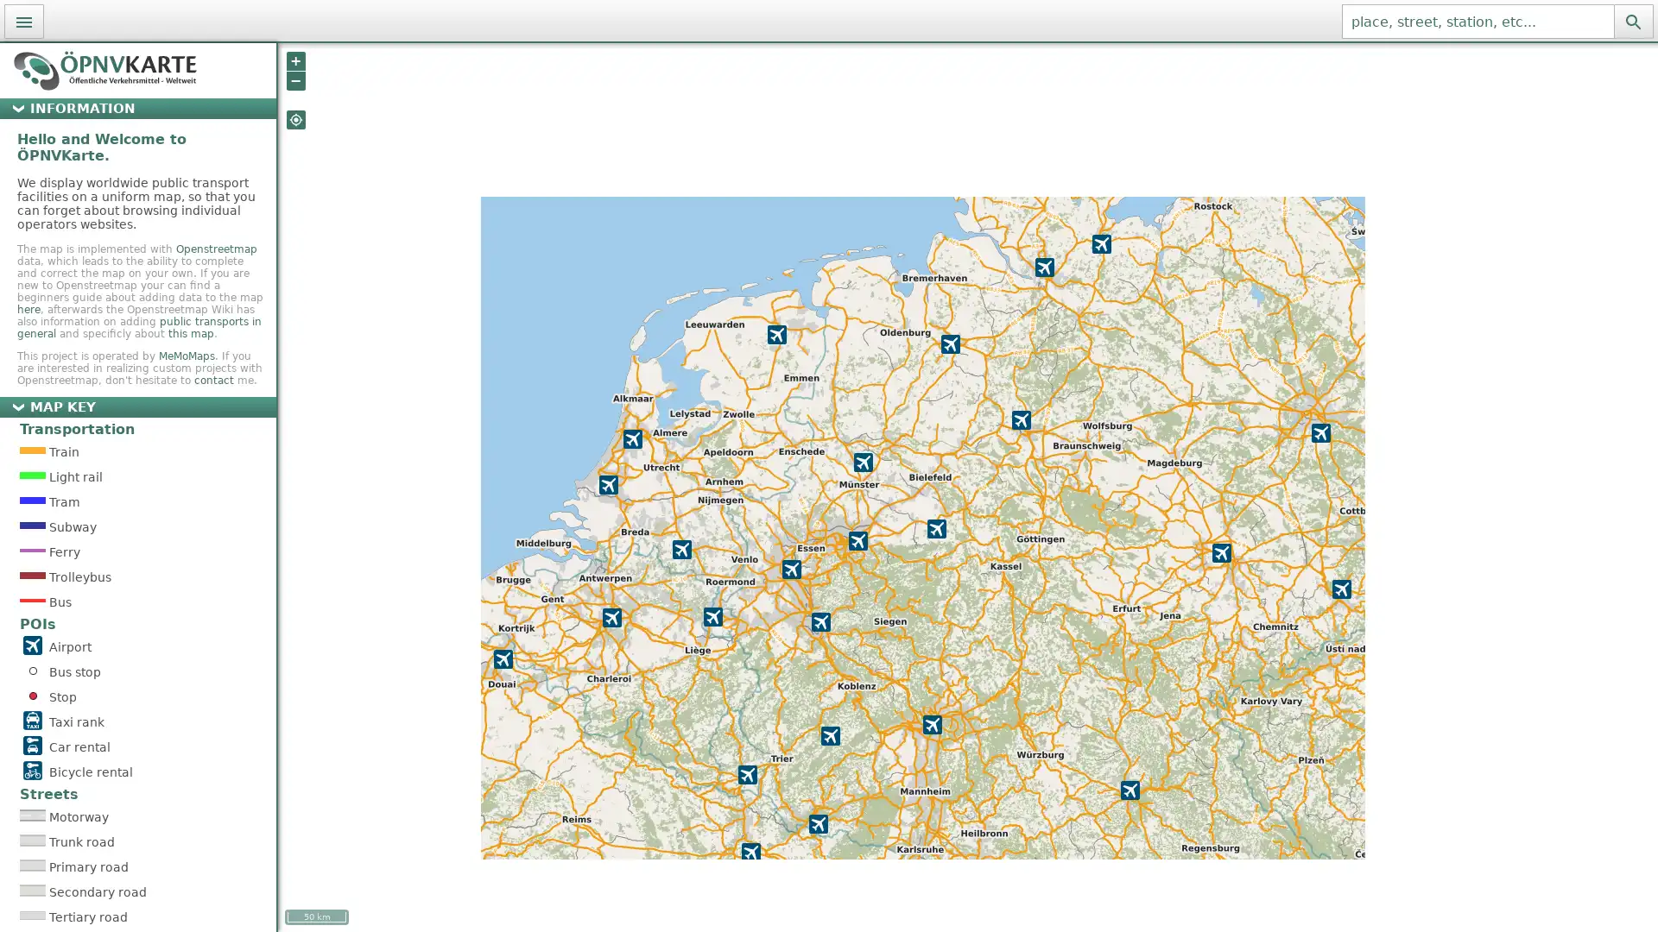 This screenshot has height=932, width=1658. Describe the element at coordinates (295, 118) in the screenshot. I see `Show position` at that location.